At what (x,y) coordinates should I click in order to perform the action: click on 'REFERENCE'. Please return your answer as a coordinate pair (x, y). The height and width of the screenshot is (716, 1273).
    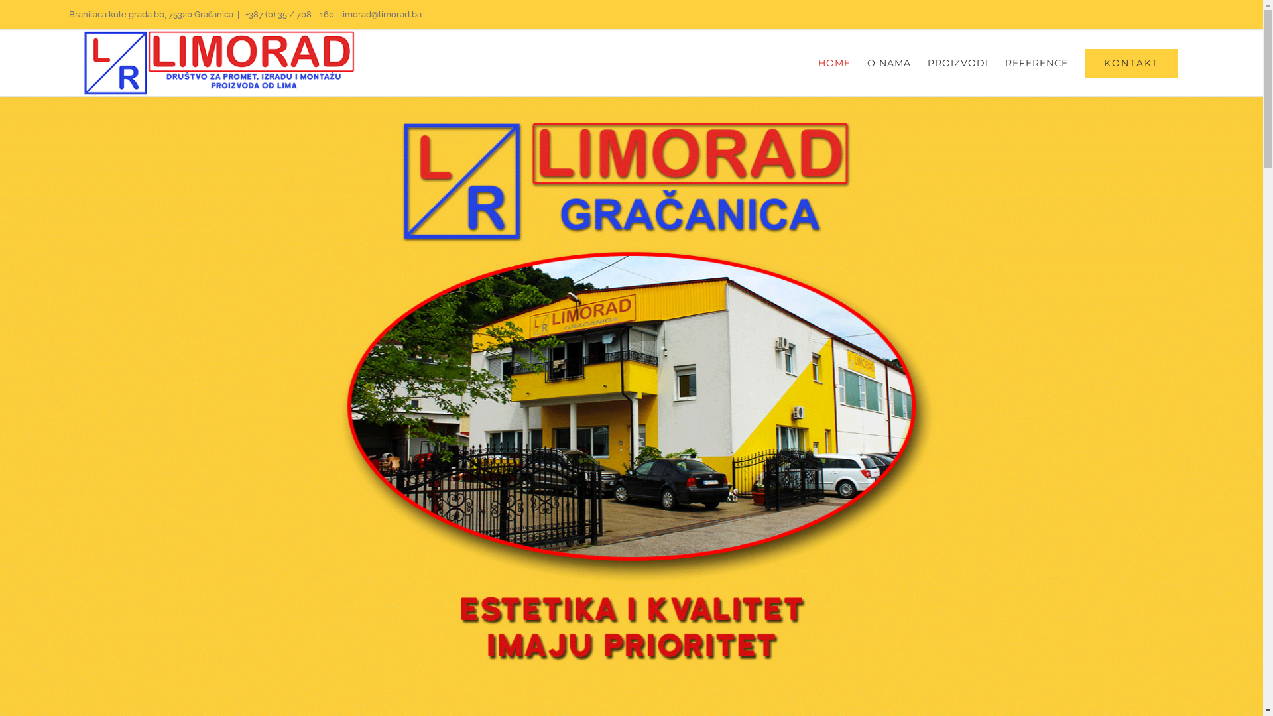
    Looking at the image, I should click on (1005, 63).